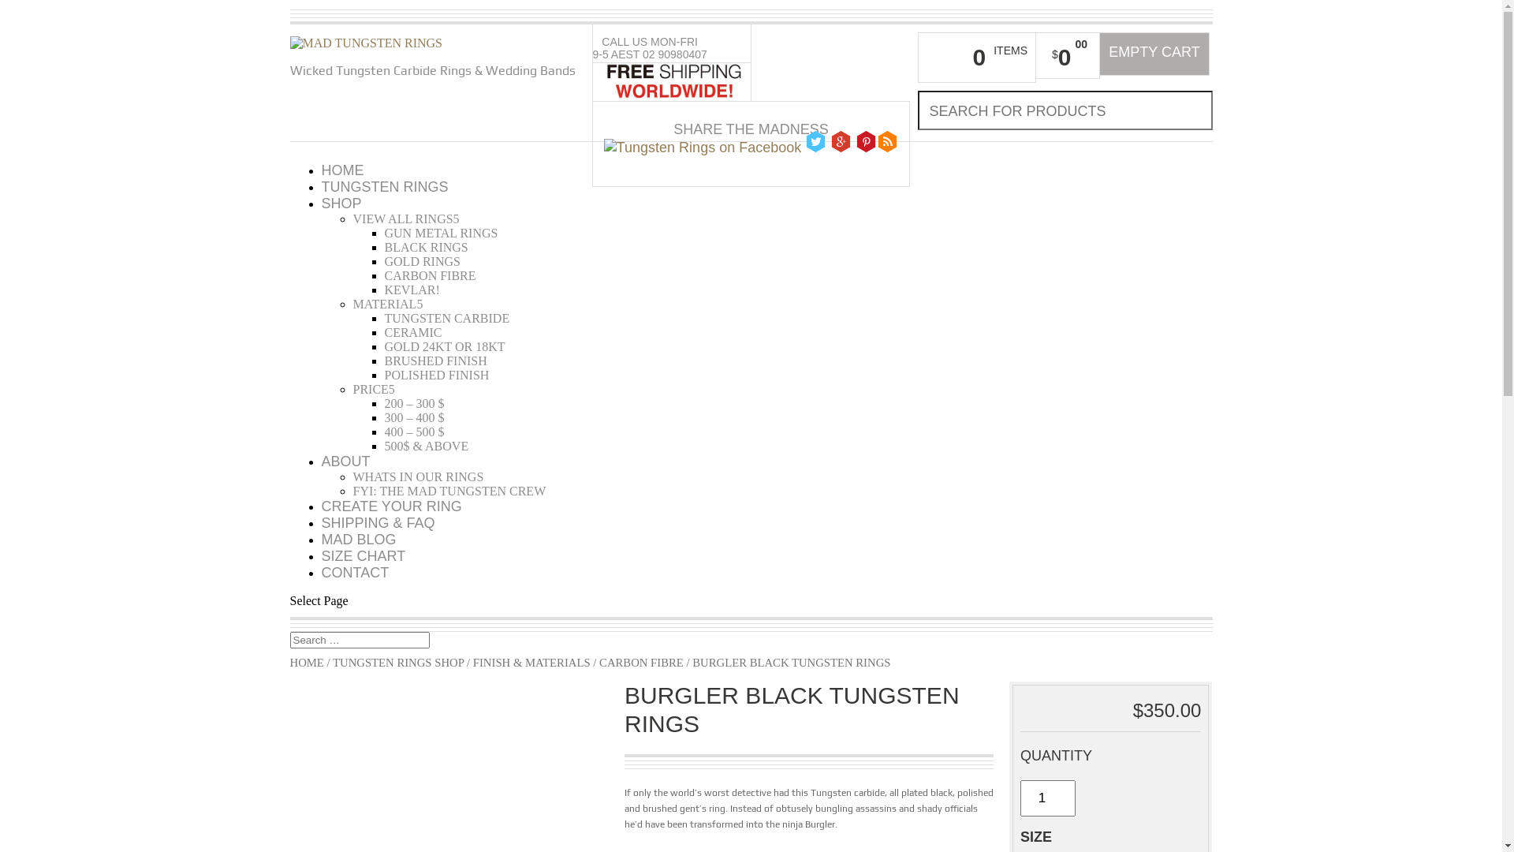 The image size is (1514, 852). I want to click on 'CREATE YOUR RING', so click(392, 506).